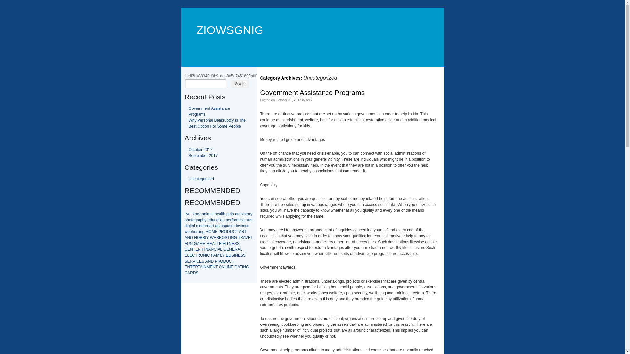 This screenshot has height=354, width=630. Describe the element at coordinates (236, 267) in the screenshot. I see `'D'` at that location.